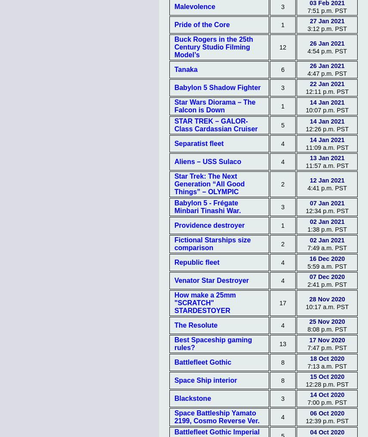 Image resolution: width=368 pixels, height=437 pixels. What do you see at coordinates (326, 83) in the screenshot?
I see `'22 Jan 2021'` at bounding box center [326, 83].